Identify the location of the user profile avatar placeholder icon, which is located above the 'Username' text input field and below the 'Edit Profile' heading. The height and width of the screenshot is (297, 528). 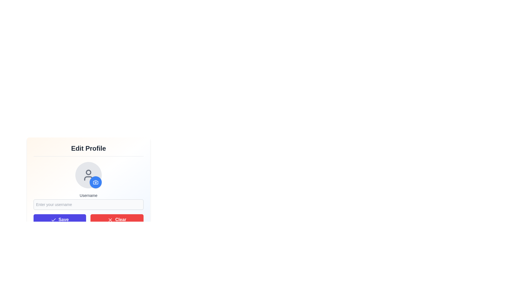
(88, 175).